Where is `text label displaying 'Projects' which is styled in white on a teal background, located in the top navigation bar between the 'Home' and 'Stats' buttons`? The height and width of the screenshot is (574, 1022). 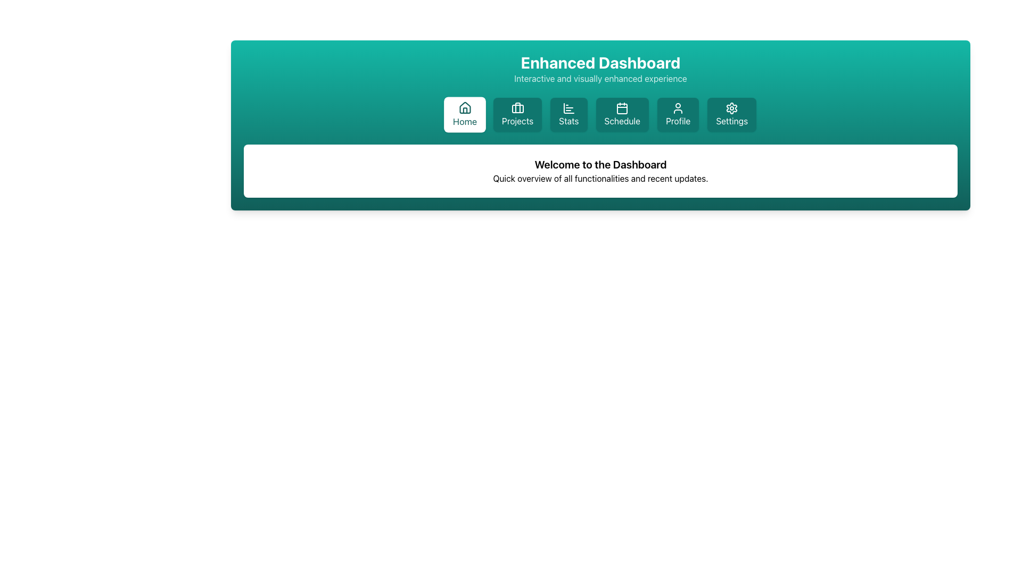
text label displaying 'Projects' which is styled in white on a teal background, located in the top navigation bar between the 'Home' and 'Stats' buttons is located at coordinates (517, 120).